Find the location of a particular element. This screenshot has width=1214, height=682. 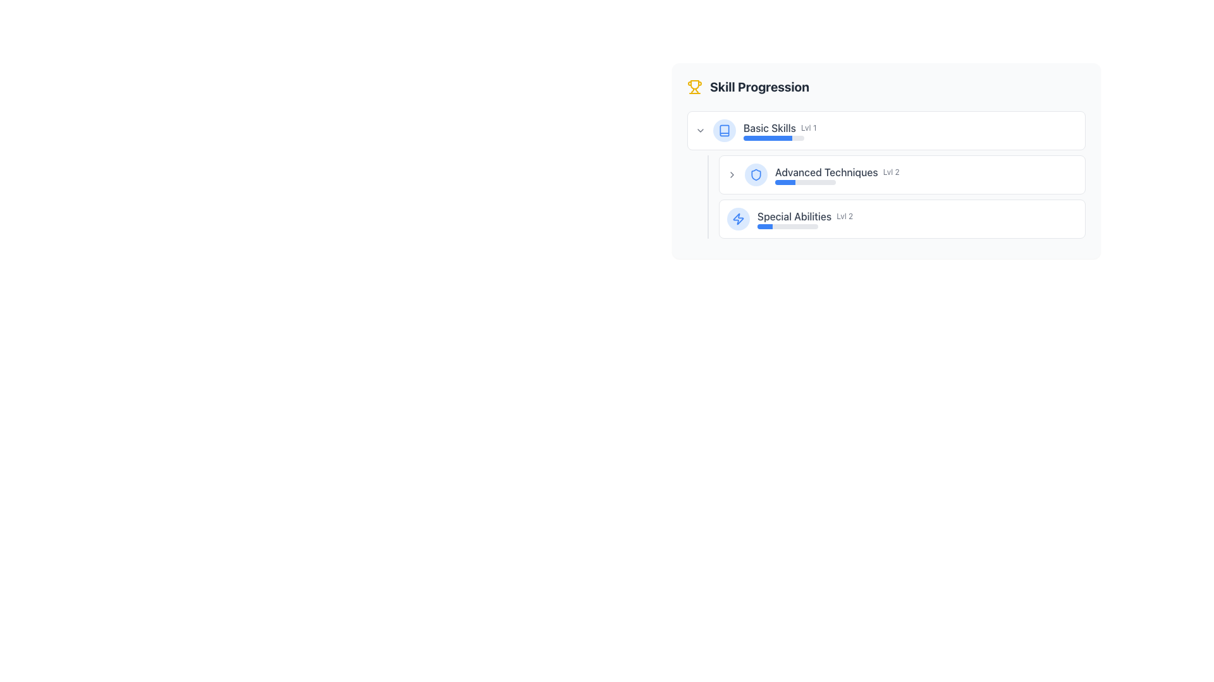

the Progress bar segment of the 'Special Abilities' skill progression bar, which visually represents progress as a percentage is located at coordinates (764, 225).